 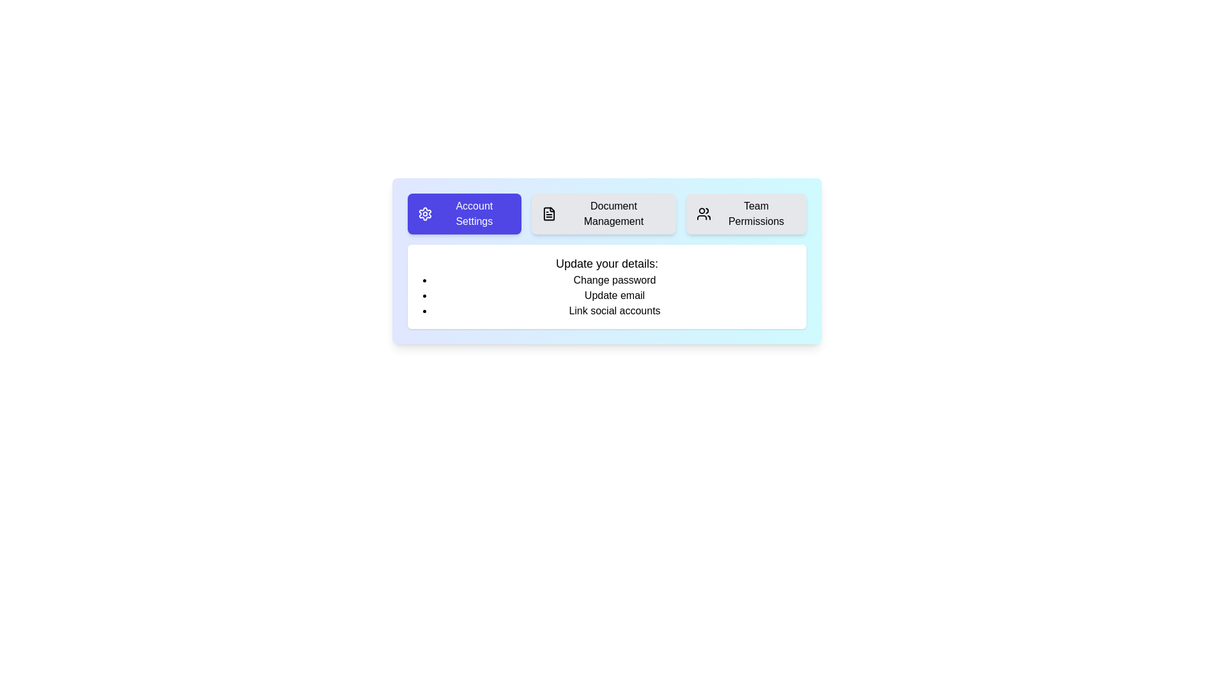 What do you see at coordinates (606, 263) in the screenshot?
I see `the prominent heading text 'Update your details:' to focus on it` at bounding box center [606, 263].